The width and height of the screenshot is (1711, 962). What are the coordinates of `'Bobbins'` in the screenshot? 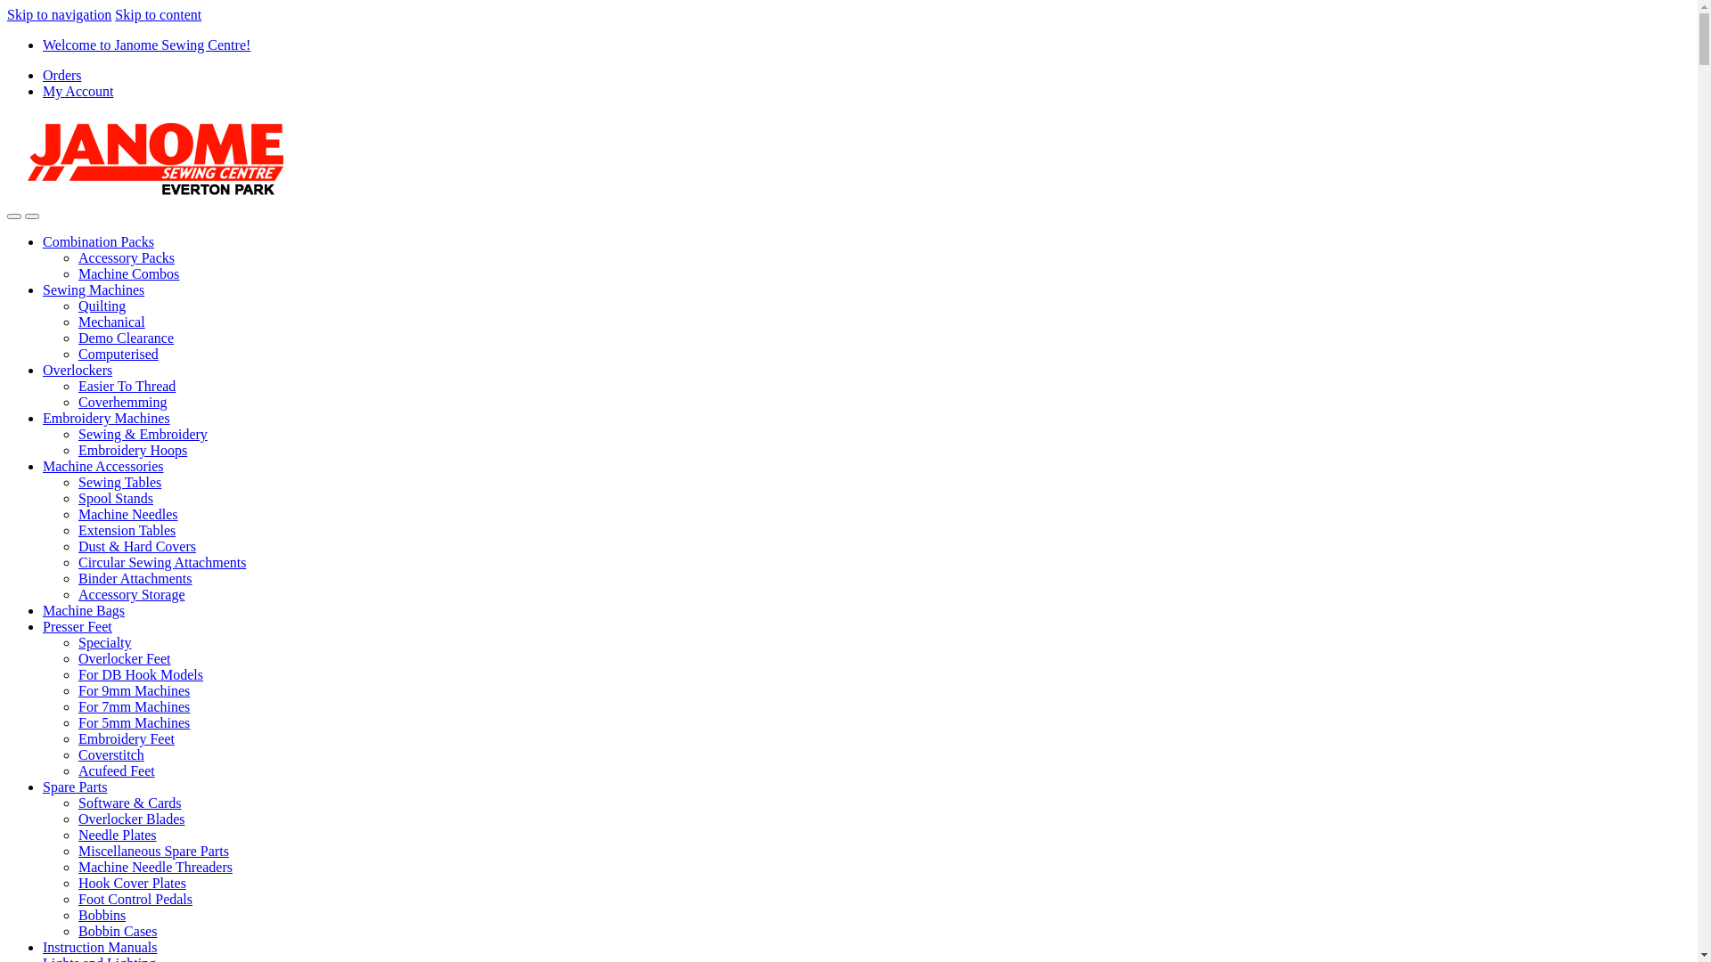 It's located at (77, 915).